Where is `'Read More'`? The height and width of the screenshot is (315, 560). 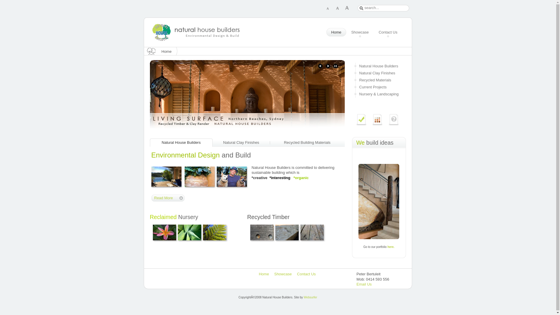
'Read More' is located at coordinates (167, 197).